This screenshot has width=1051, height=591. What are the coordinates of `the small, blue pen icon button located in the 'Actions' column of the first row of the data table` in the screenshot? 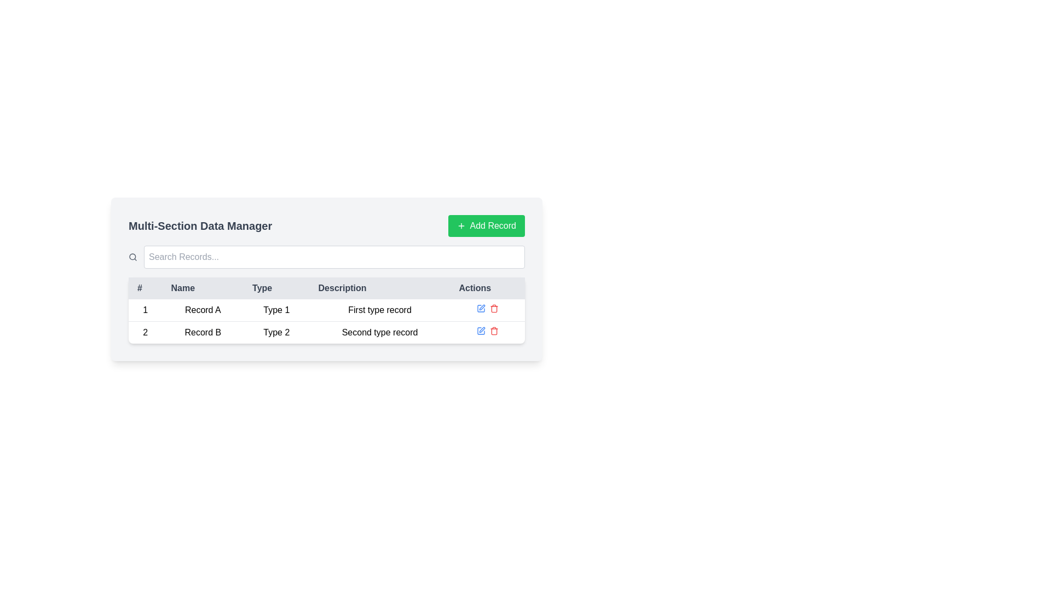 It's located at (481, 331).